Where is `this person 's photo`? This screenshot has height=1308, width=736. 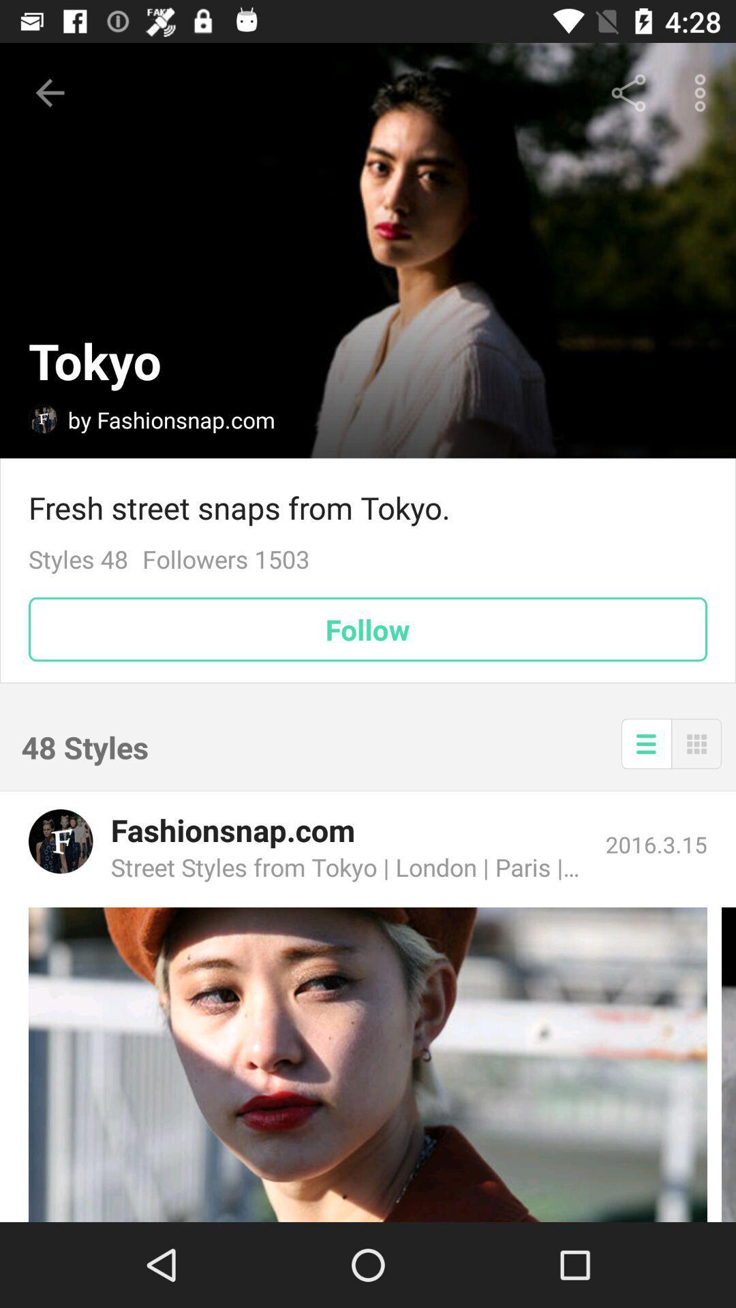
this person 's photo is located at coordinates (368, 1064).